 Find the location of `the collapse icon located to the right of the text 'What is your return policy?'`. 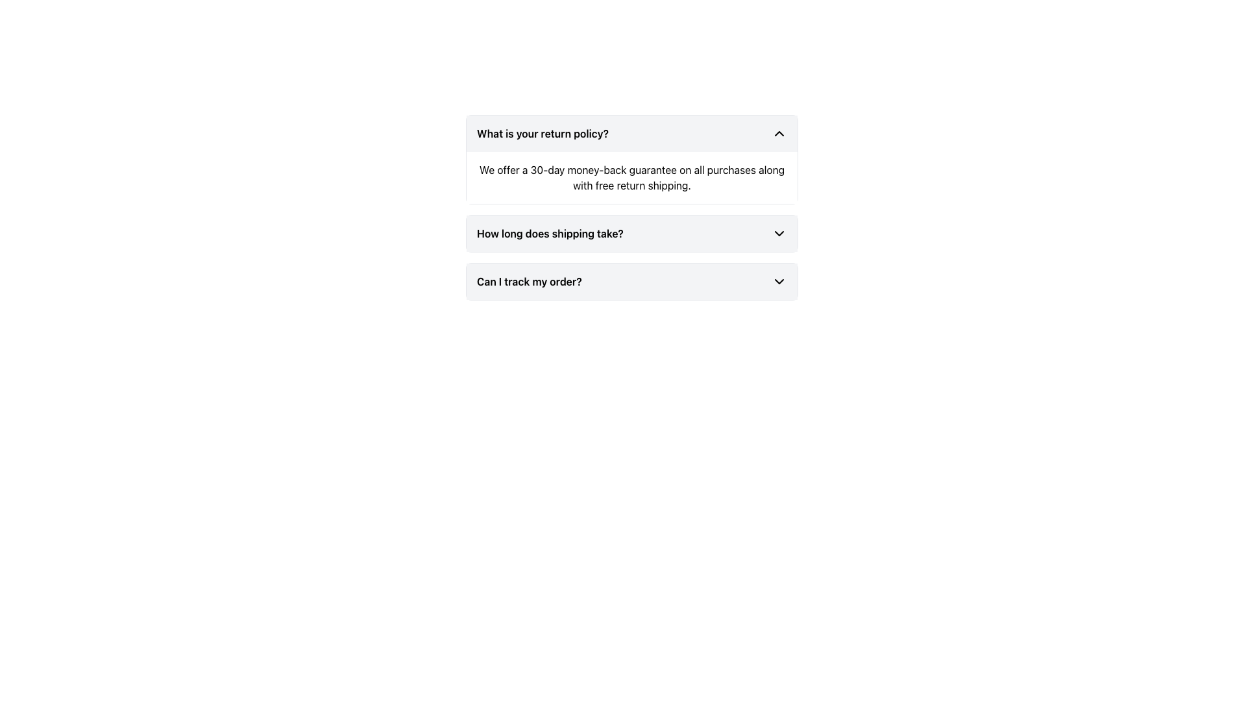

the collapse icon located to the right of the text 'What is your return policy?' is located at coordinates (779, 133).